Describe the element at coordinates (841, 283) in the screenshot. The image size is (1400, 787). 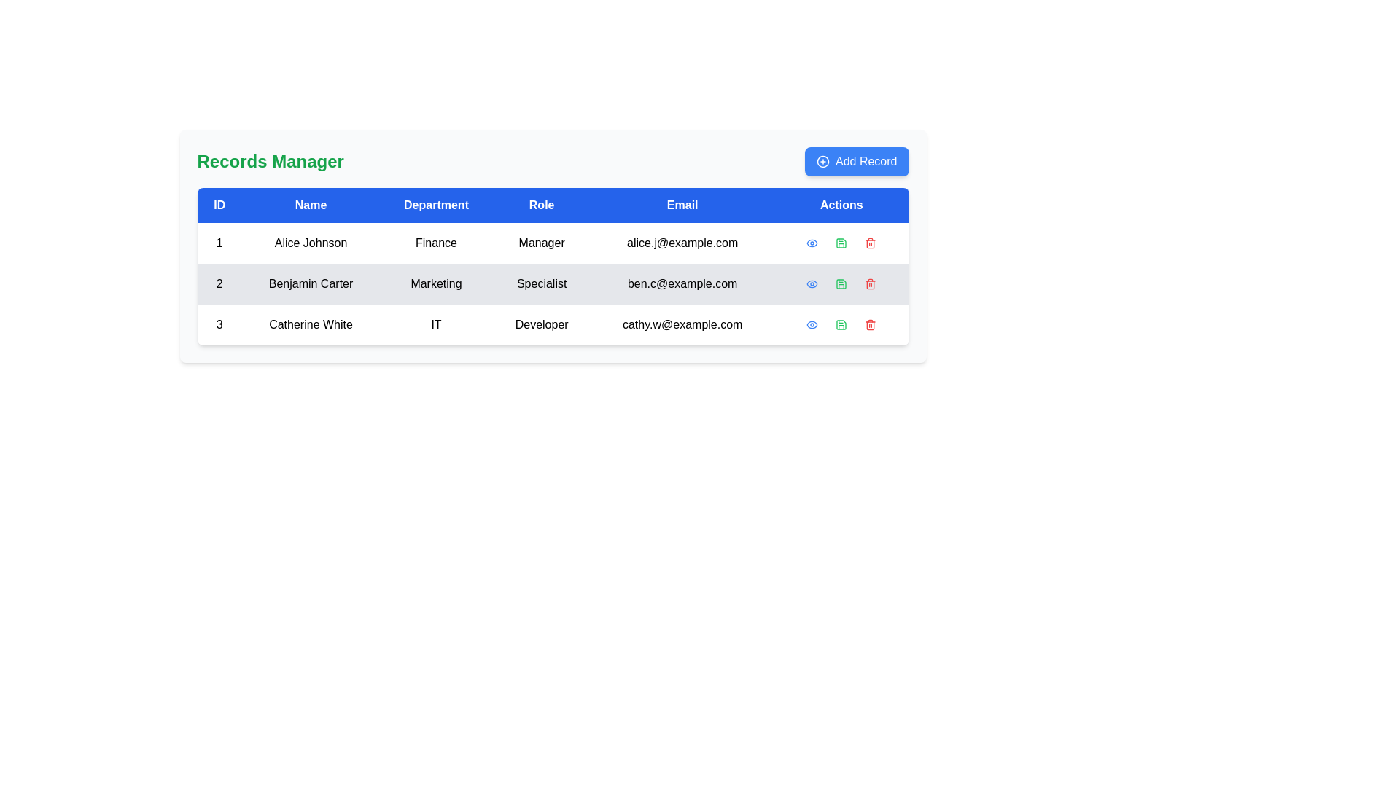
I see `the floppy disk save icon located in the 'Actions' column of the second row of the data table, positioned between the 'Eye' and 'Trash' icons for visual feedback` at that location.